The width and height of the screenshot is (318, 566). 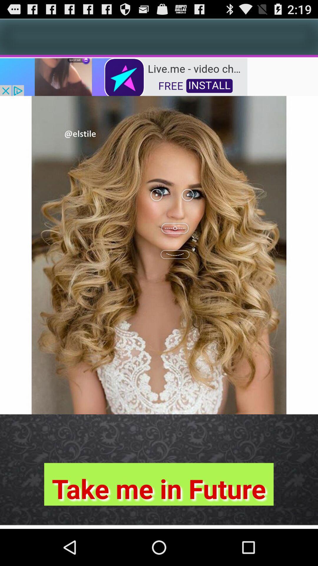 I want to click on enlarge advertisement, so click(x=123, y=76).